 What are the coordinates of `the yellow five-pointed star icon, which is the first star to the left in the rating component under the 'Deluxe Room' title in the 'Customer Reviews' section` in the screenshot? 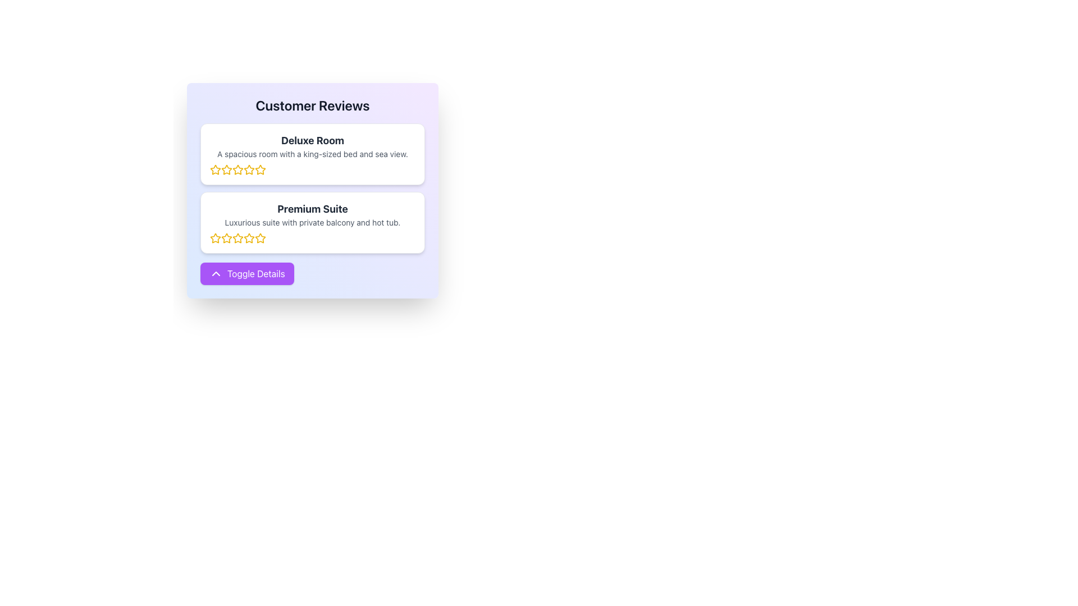 It's located at (216, 169).